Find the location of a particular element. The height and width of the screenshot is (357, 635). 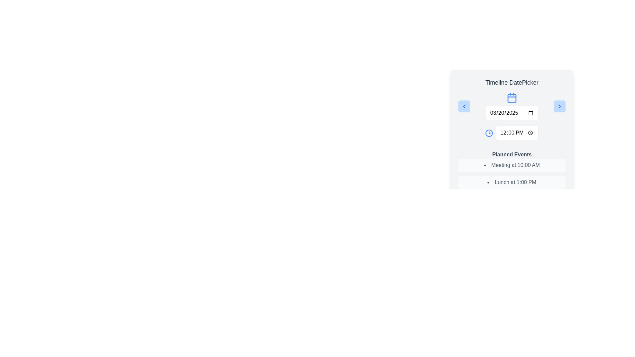

the chevron-left icon in the Timeline DatePicker interface, which is positioned to the left of the date input field and aligned with the calendar icon is located at coordinates (464, 106).